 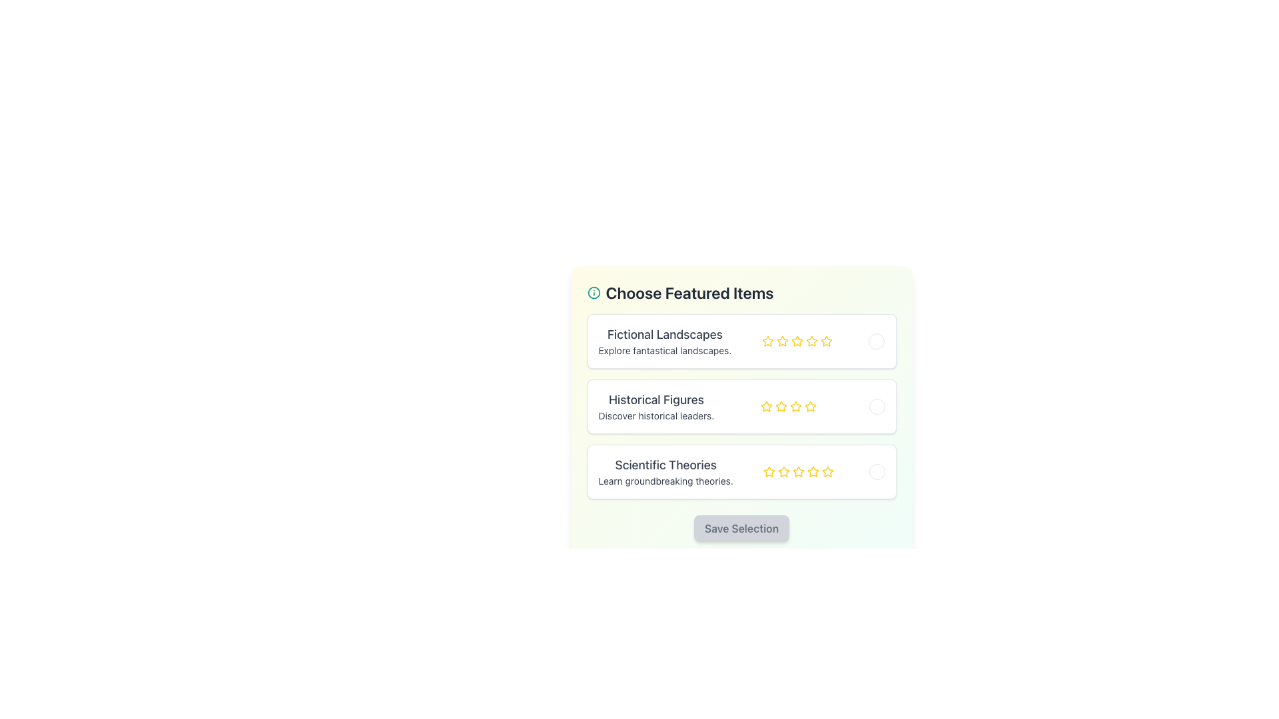 What do you see at coordinates (767, 405) in the screenshot?
I see `the second yellow star in the rating system located under the 'Historical Figures' section` at bounding box center [767, 405].